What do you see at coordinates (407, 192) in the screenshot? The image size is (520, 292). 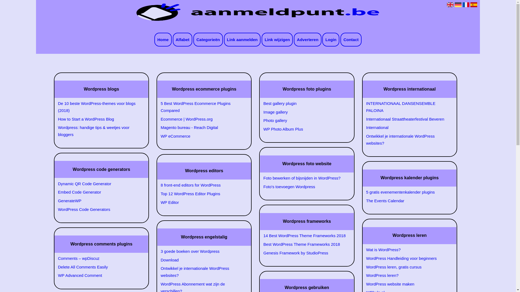 I see `'5 gratis evenementenkalender plugins'` at bounding box center [407, 192].